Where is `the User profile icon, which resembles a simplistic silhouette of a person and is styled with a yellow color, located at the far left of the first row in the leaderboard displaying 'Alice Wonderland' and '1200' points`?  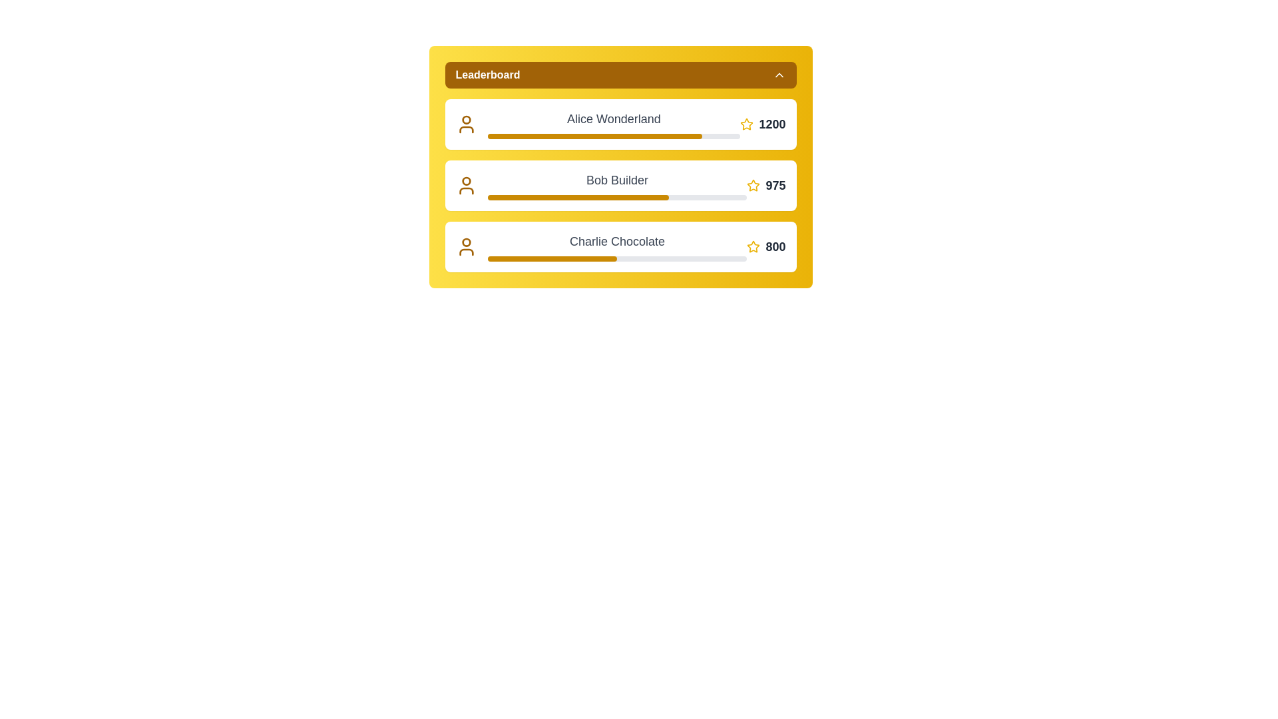 the User profile icon, which resembles a simplistic silhouette of a person and is styled with a yellow color, located at the far left of the first row in the leaderboard displaying 'Alice Wonderland' and '1200' points is located at coordinates (466, 124).